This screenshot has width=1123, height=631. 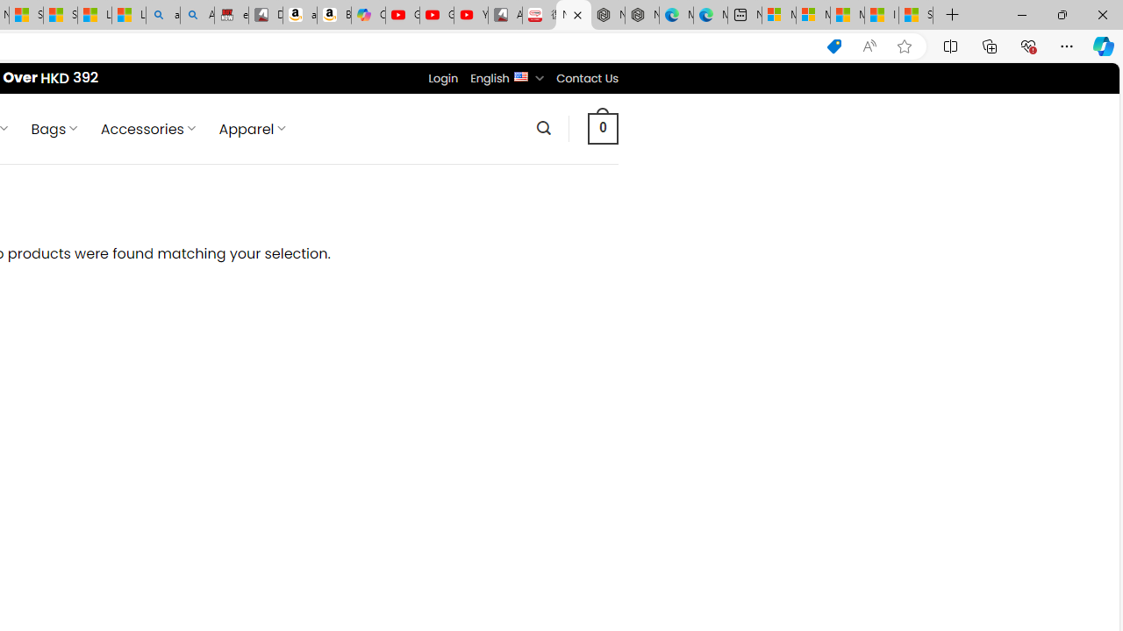 What do you see at coordinates (641, 15) in the screenshot?
I see `'Nordace - Nordace has arrived Hong Kong'` at bounding box center [641, 15].